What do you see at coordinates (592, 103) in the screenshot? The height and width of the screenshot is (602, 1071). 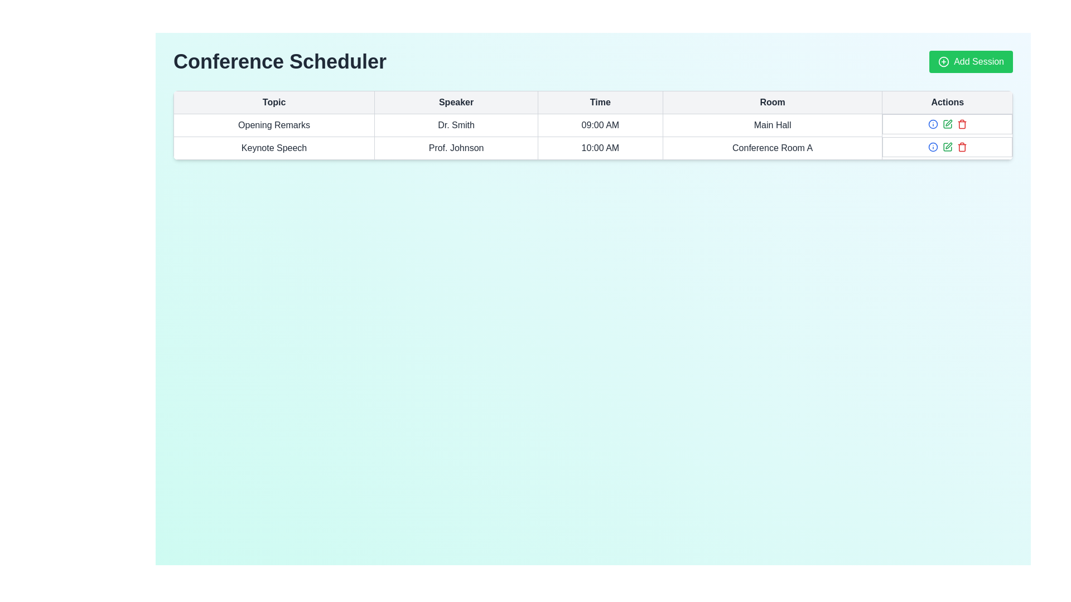 I see `the third column header cell in the table that indicates the category for the scheduled time of an event, located between the 'Speaker' and 'Room' columns` at bounding box center [592, 103].